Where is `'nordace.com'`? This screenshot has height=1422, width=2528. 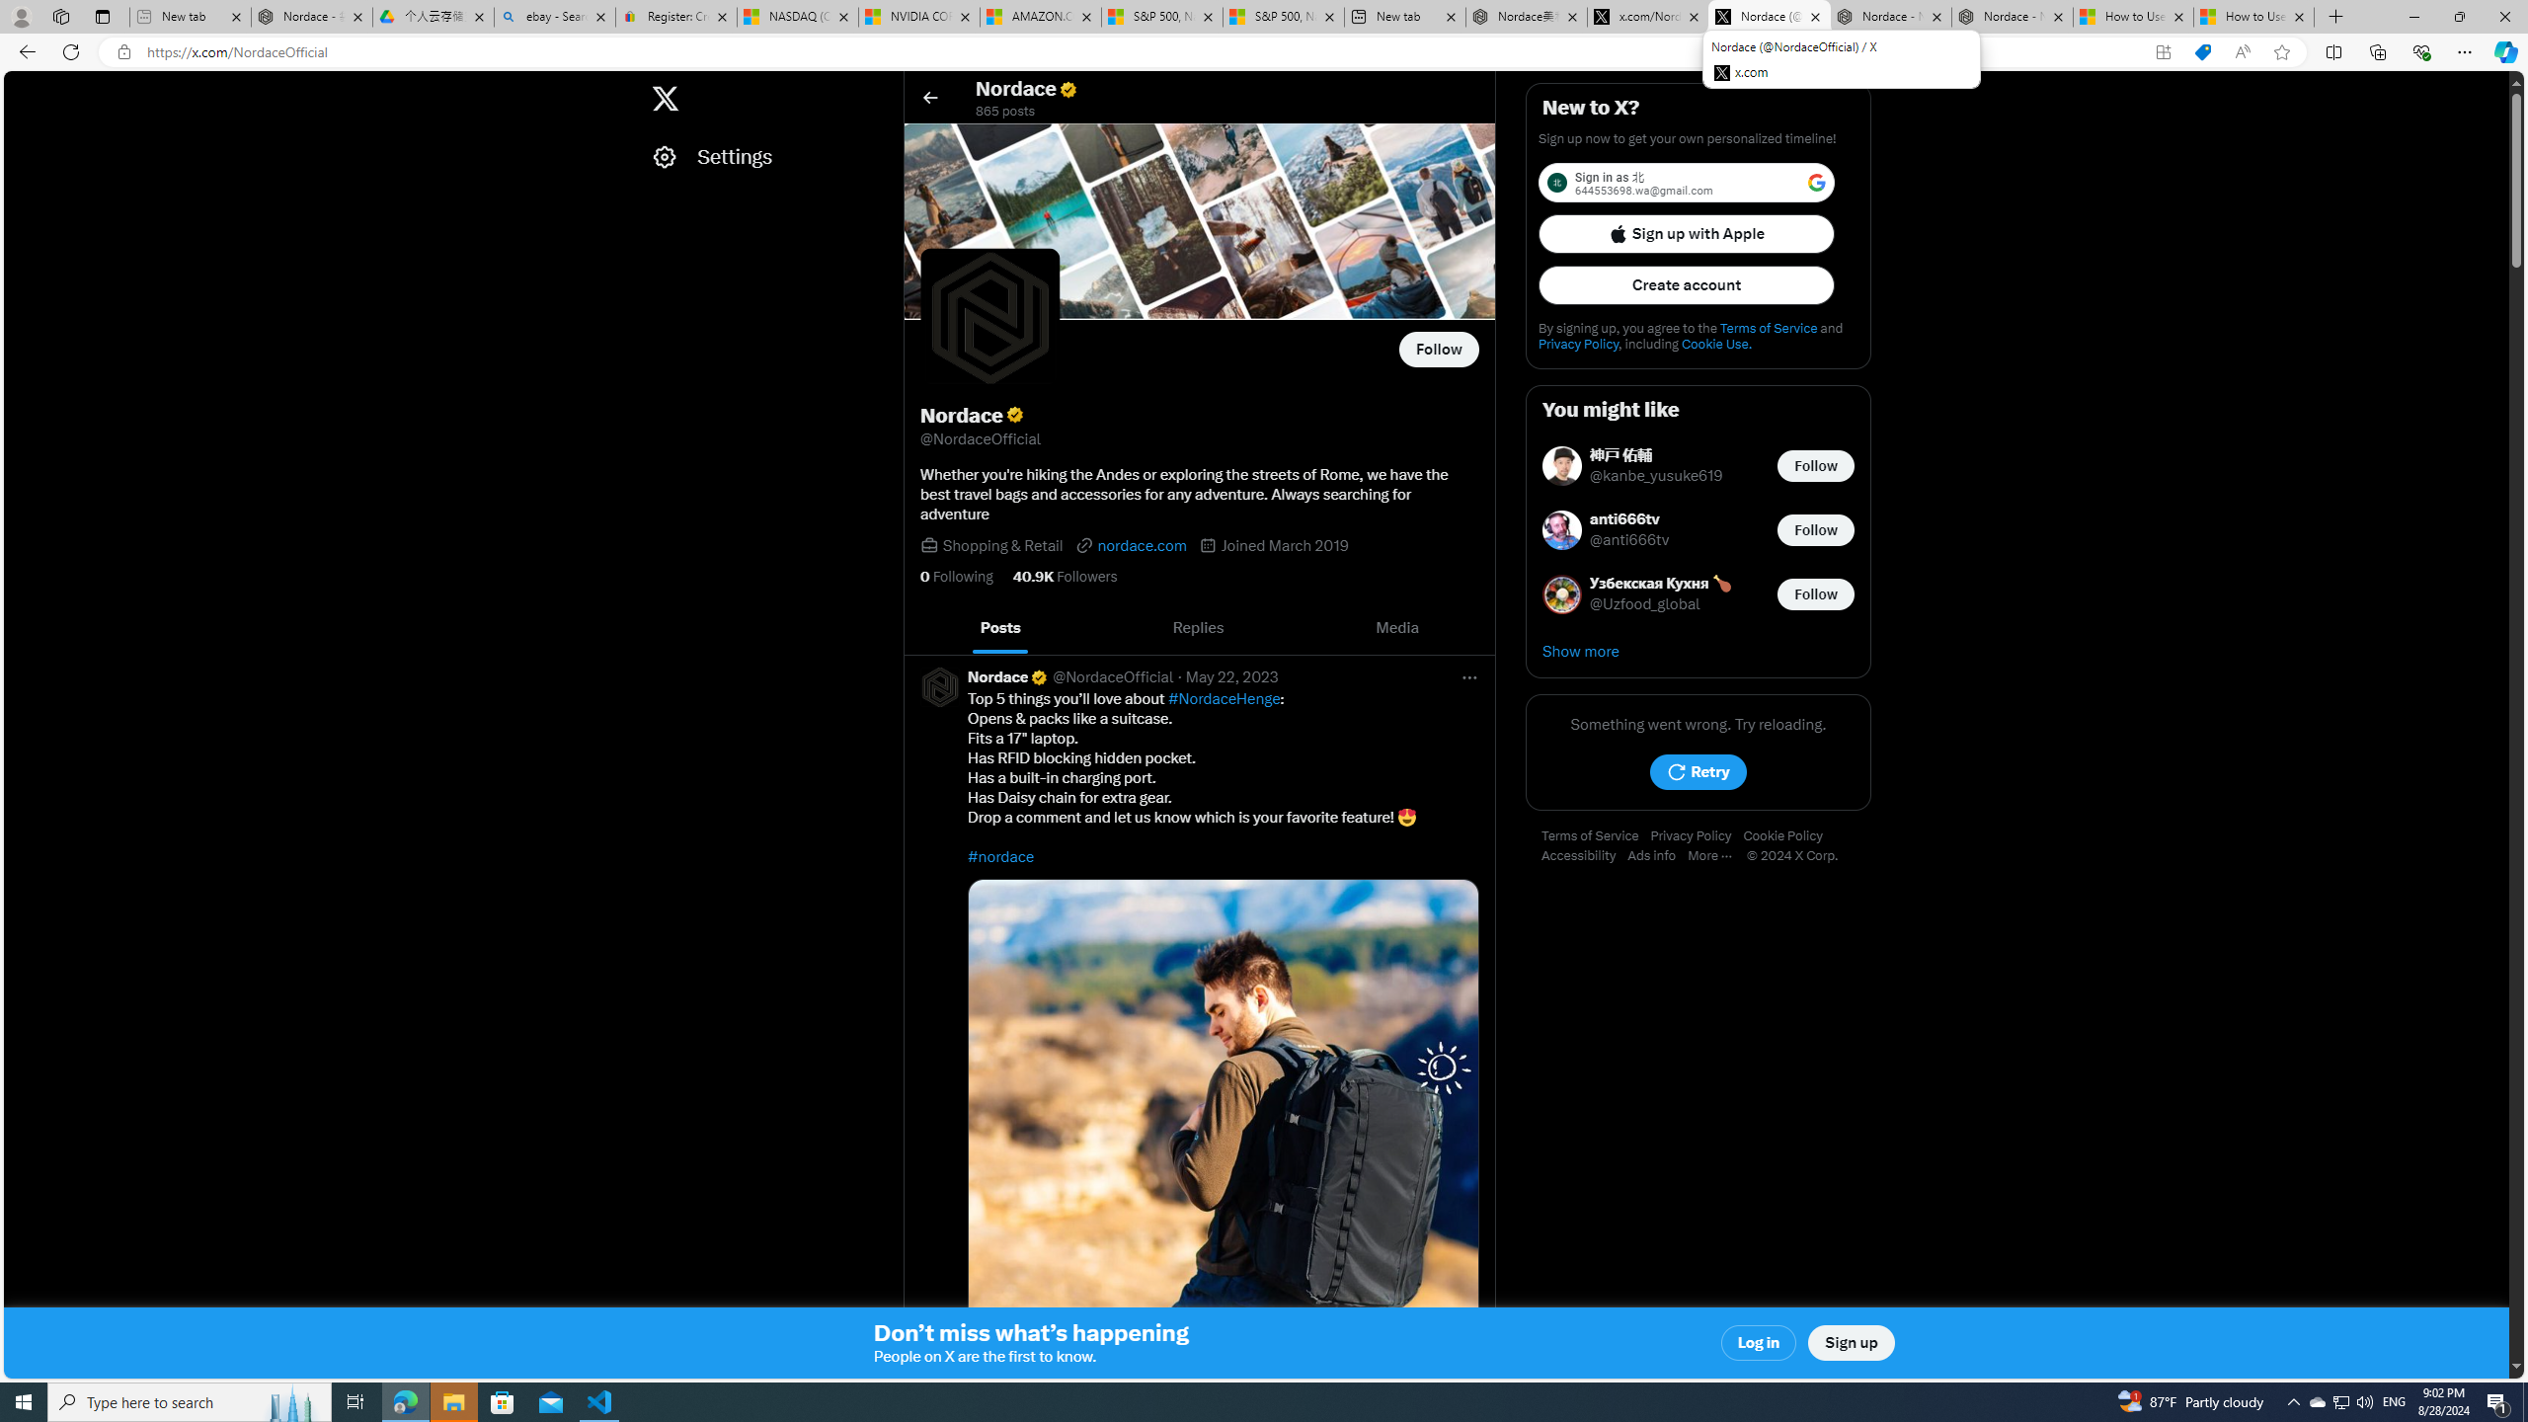
'nordace.com' is located at coordinates (1131, 544).